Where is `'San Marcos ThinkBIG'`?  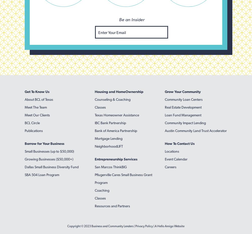
'San Marcos ThinkBIG' is located at coordinates (95, 167).